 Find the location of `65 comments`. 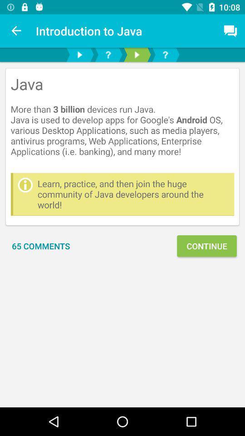

65 comments is located at coordinates (40, 246).